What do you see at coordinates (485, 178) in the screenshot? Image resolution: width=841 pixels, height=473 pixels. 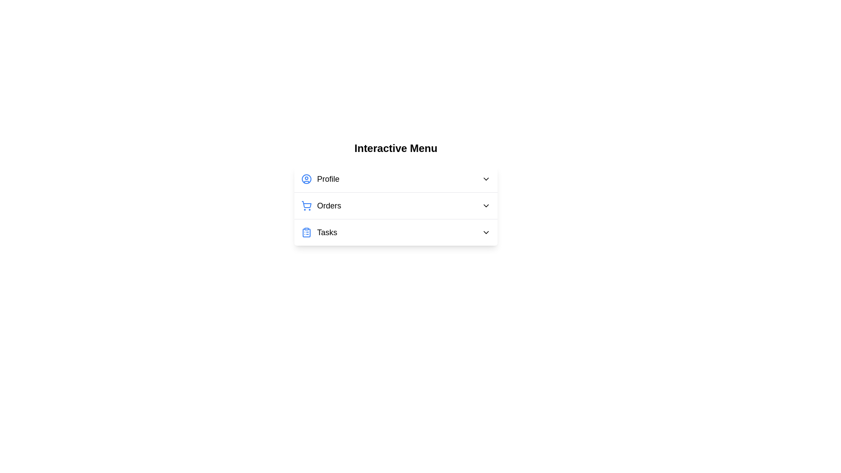 I see `the downward chevron icon at the far-right end of the 'Profile' row` at bounding box center [485, 178].